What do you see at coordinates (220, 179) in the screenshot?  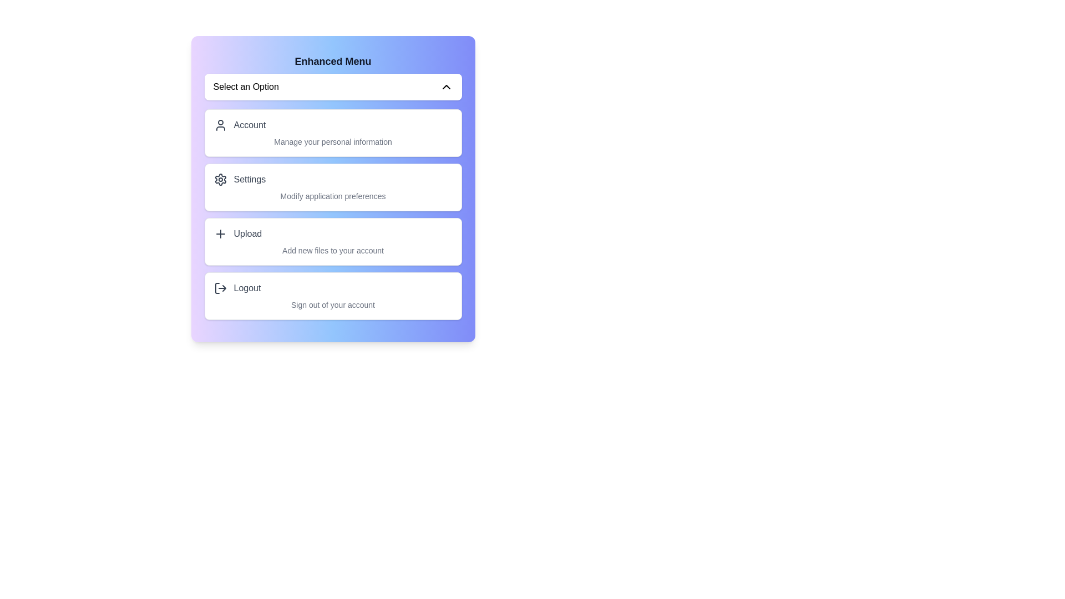 I see `the icon corresponding to Settings` at bounding box center [220, 179].